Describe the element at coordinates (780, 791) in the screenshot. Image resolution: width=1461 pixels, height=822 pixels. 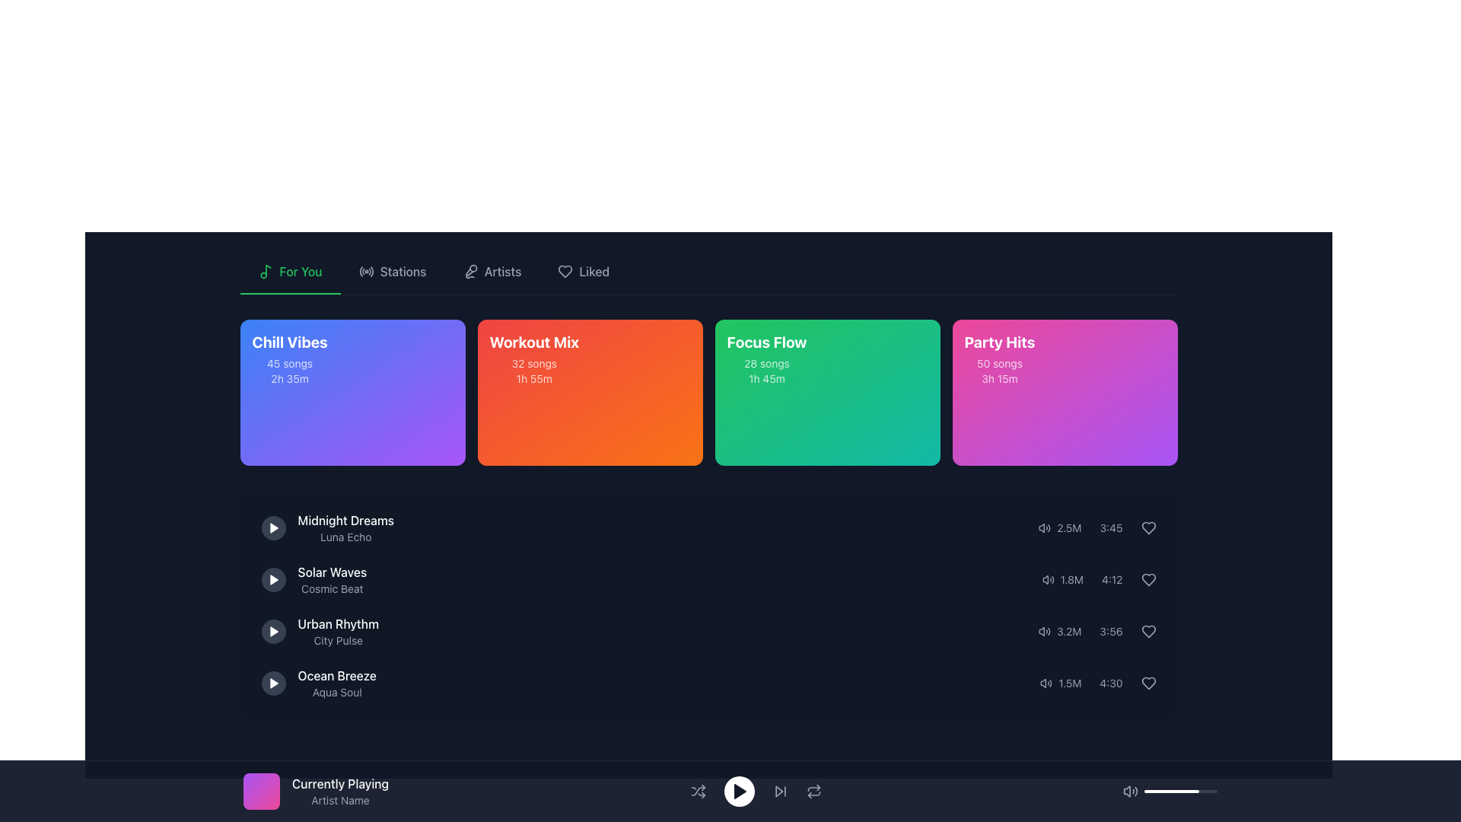
I see `the forward navigation button represented by a double-chevron arrow pointing to the right, located in the bottom toolbar` at that location.